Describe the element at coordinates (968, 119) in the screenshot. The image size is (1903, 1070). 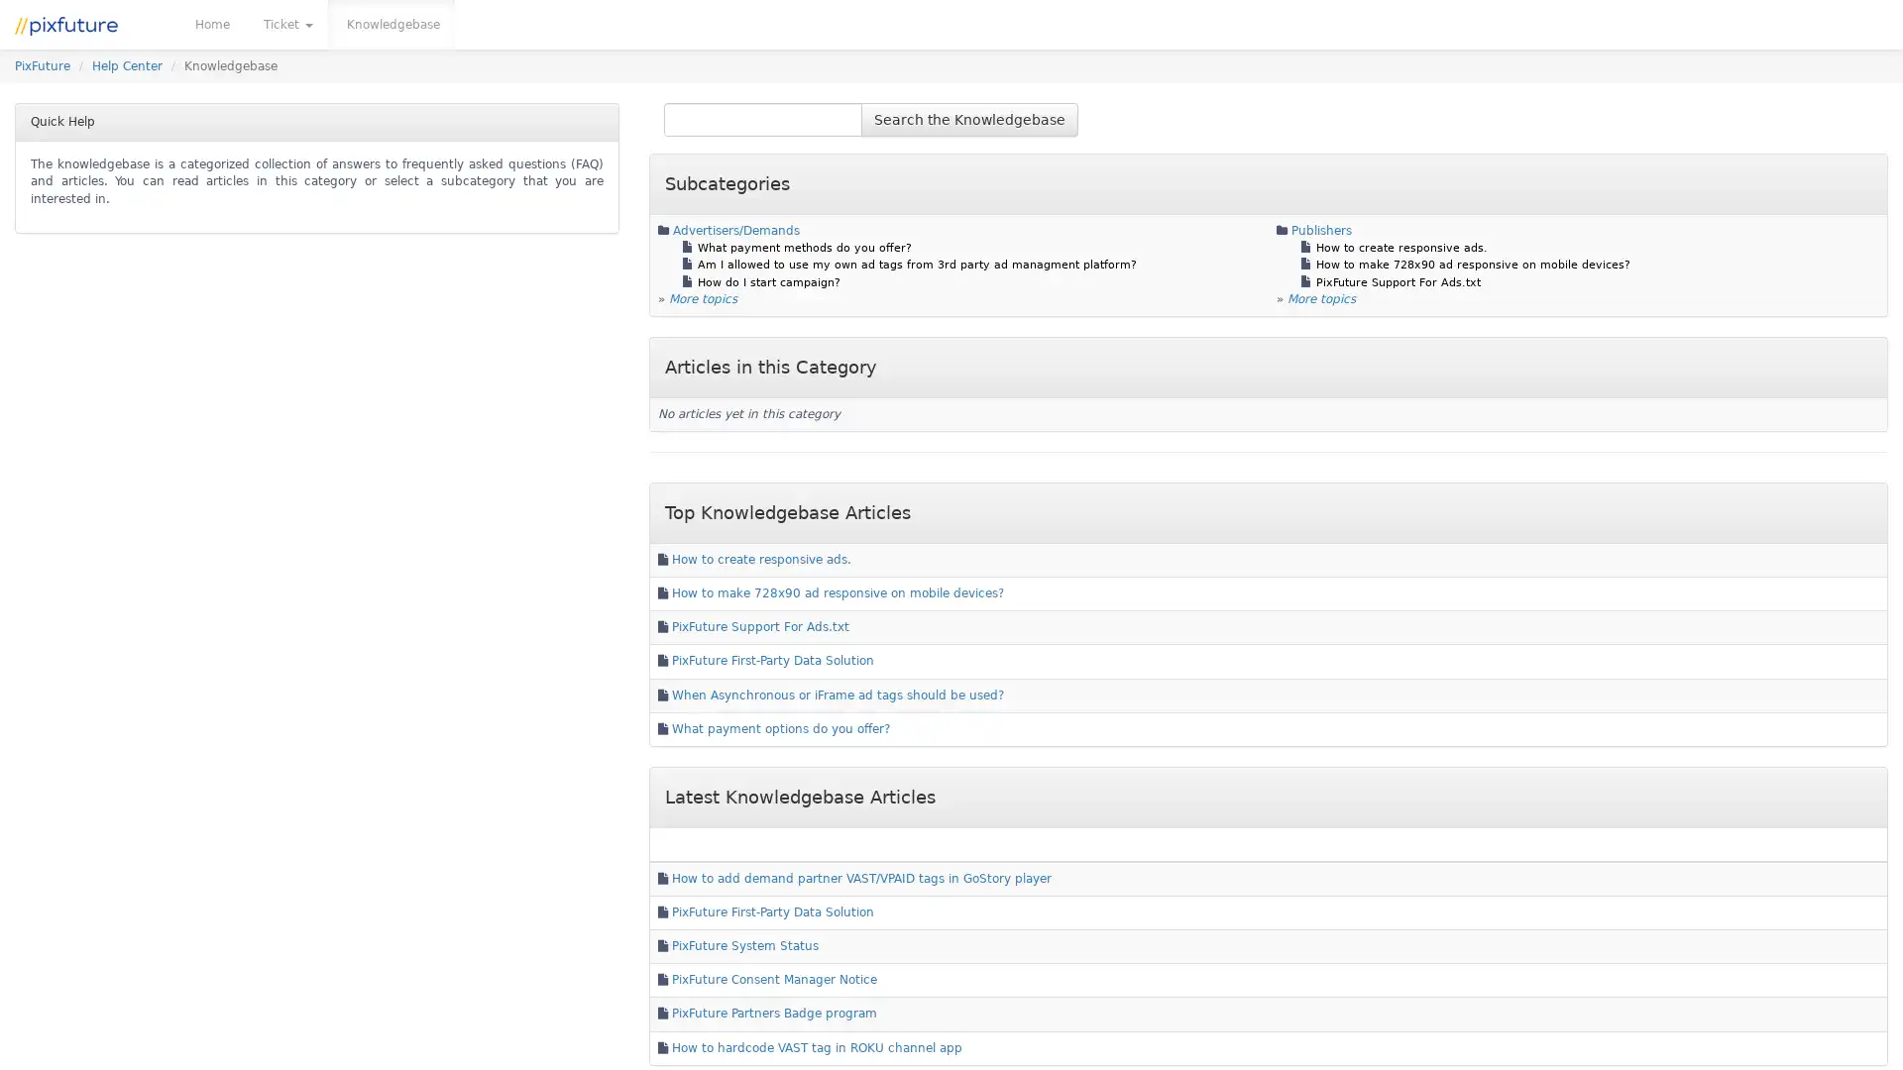
I see `Search the Knowledgebase` at that location.